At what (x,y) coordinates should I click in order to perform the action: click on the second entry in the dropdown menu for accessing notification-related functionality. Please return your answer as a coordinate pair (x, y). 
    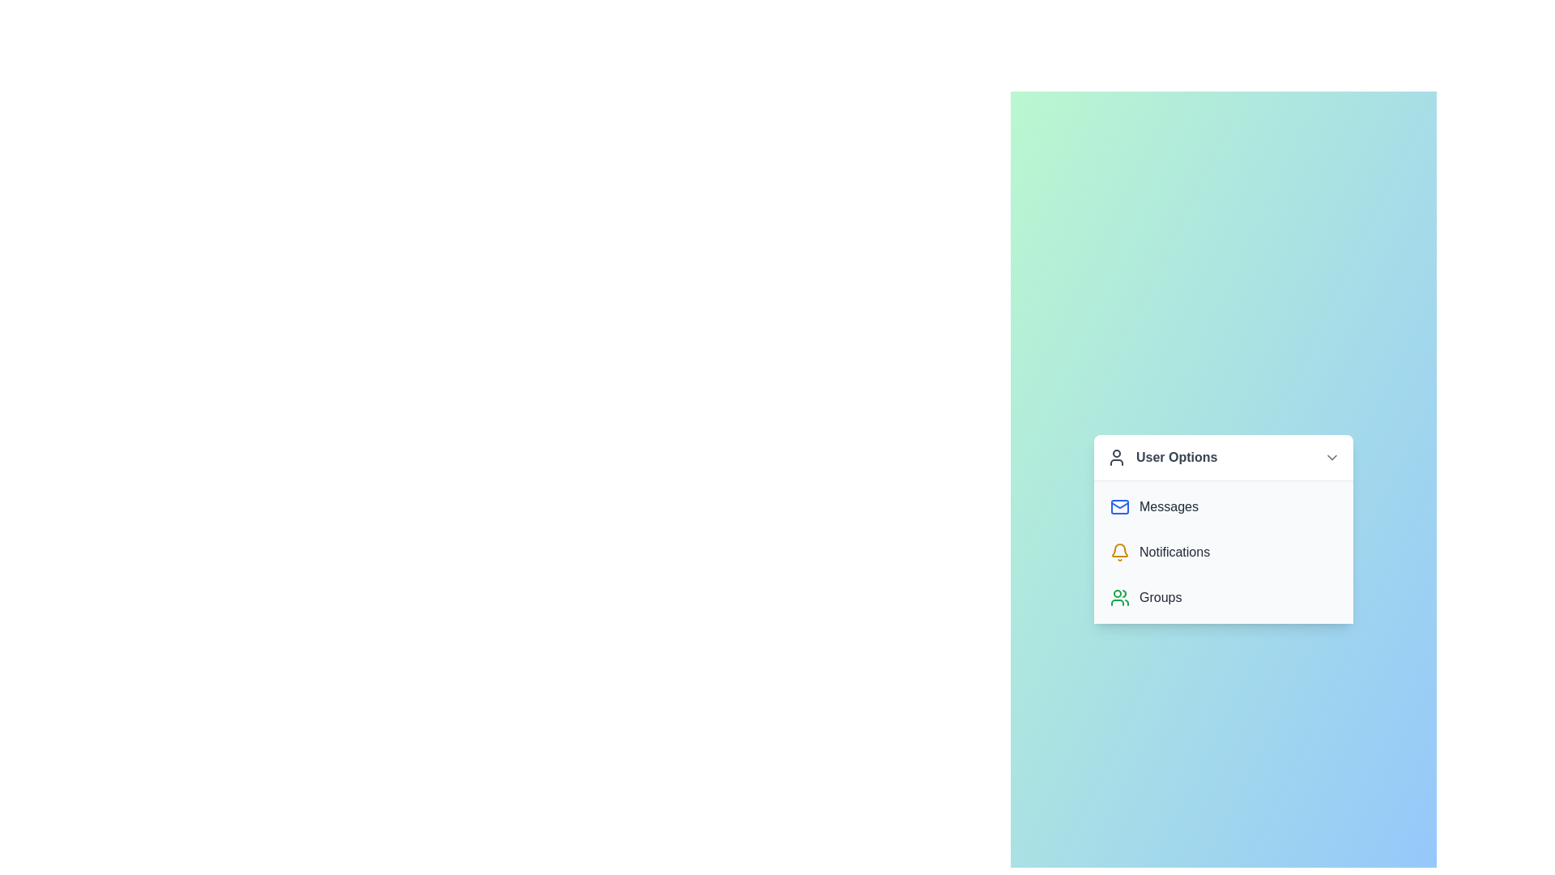
    Looking at the image, I should click on (1224, 551).